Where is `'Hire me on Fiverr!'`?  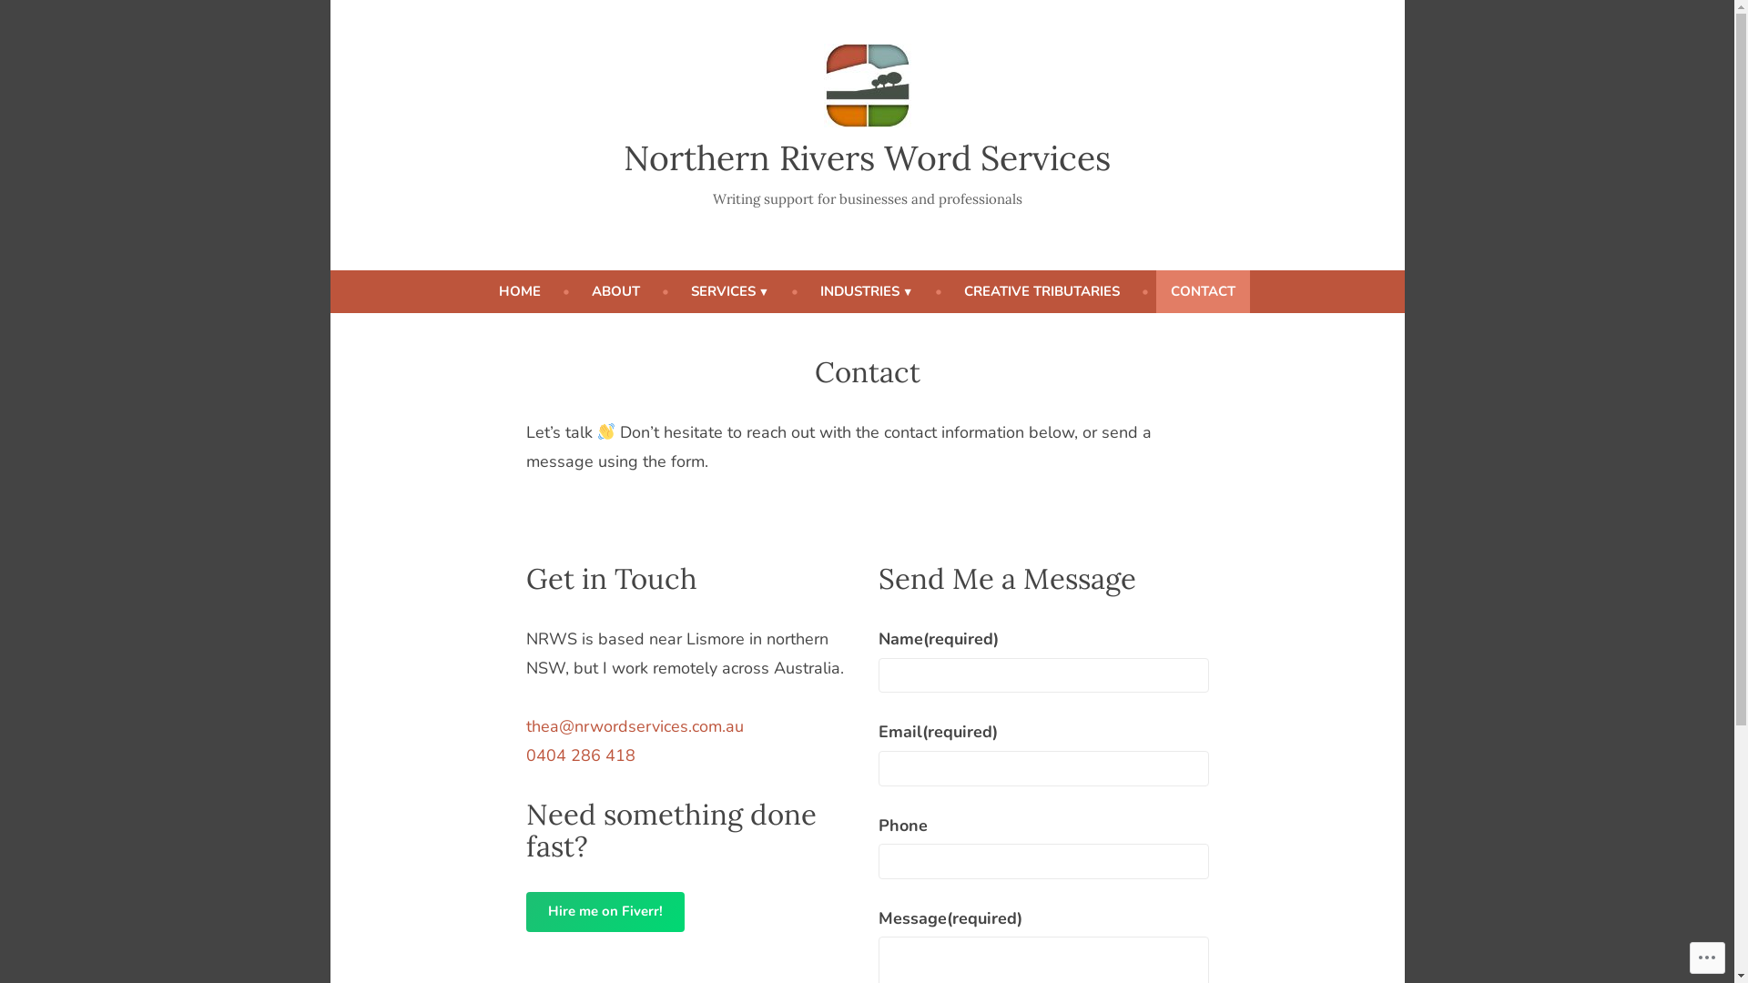
'Hire me on Fiverr!' is located at coordinates (605, 912).